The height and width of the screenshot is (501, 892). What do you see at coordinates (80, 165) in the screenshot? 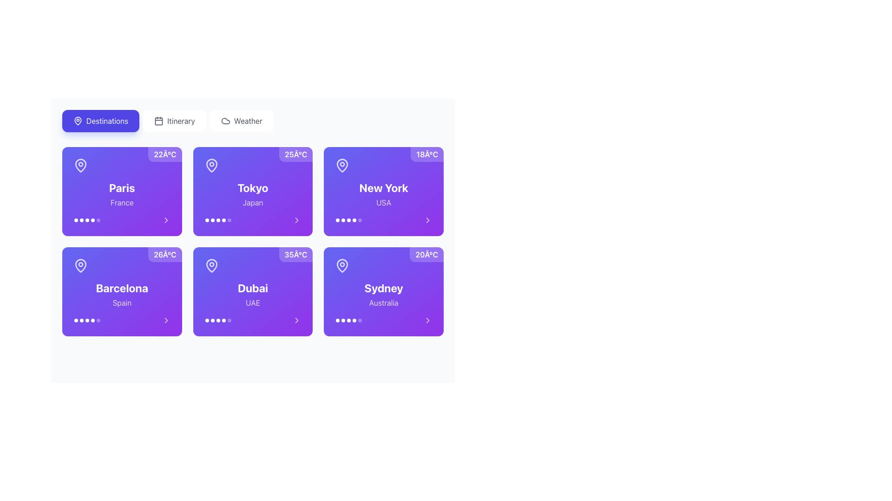
I see `the context of the 'Paris' card by interacting with the pin icon located in the upper-left portion of the card` at bounding box center [80, 165].